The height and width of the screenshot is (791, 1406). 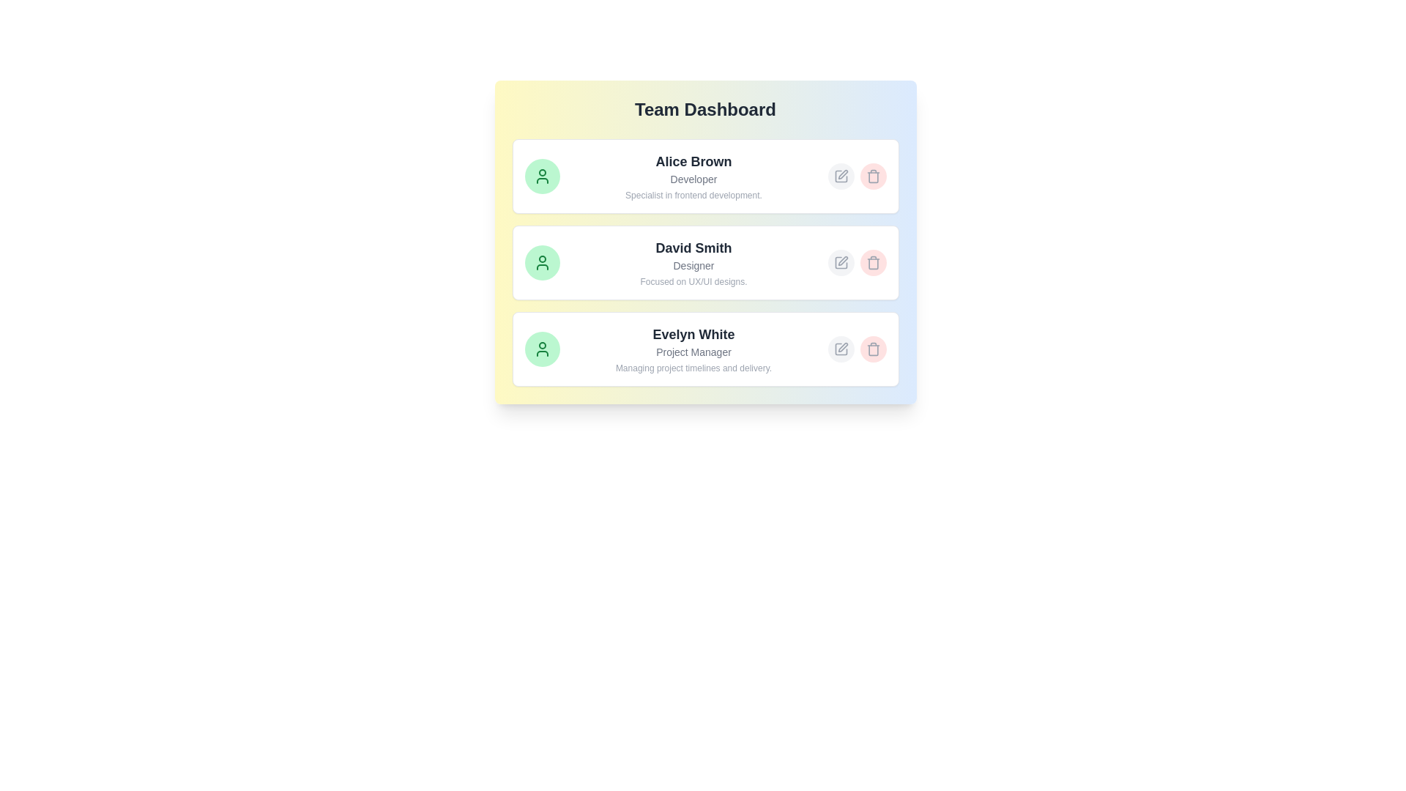 I want to click on the circular icon with a pale green background representing the user profile of Evelyn White, the Project Manager, so click(x=541, y=349).